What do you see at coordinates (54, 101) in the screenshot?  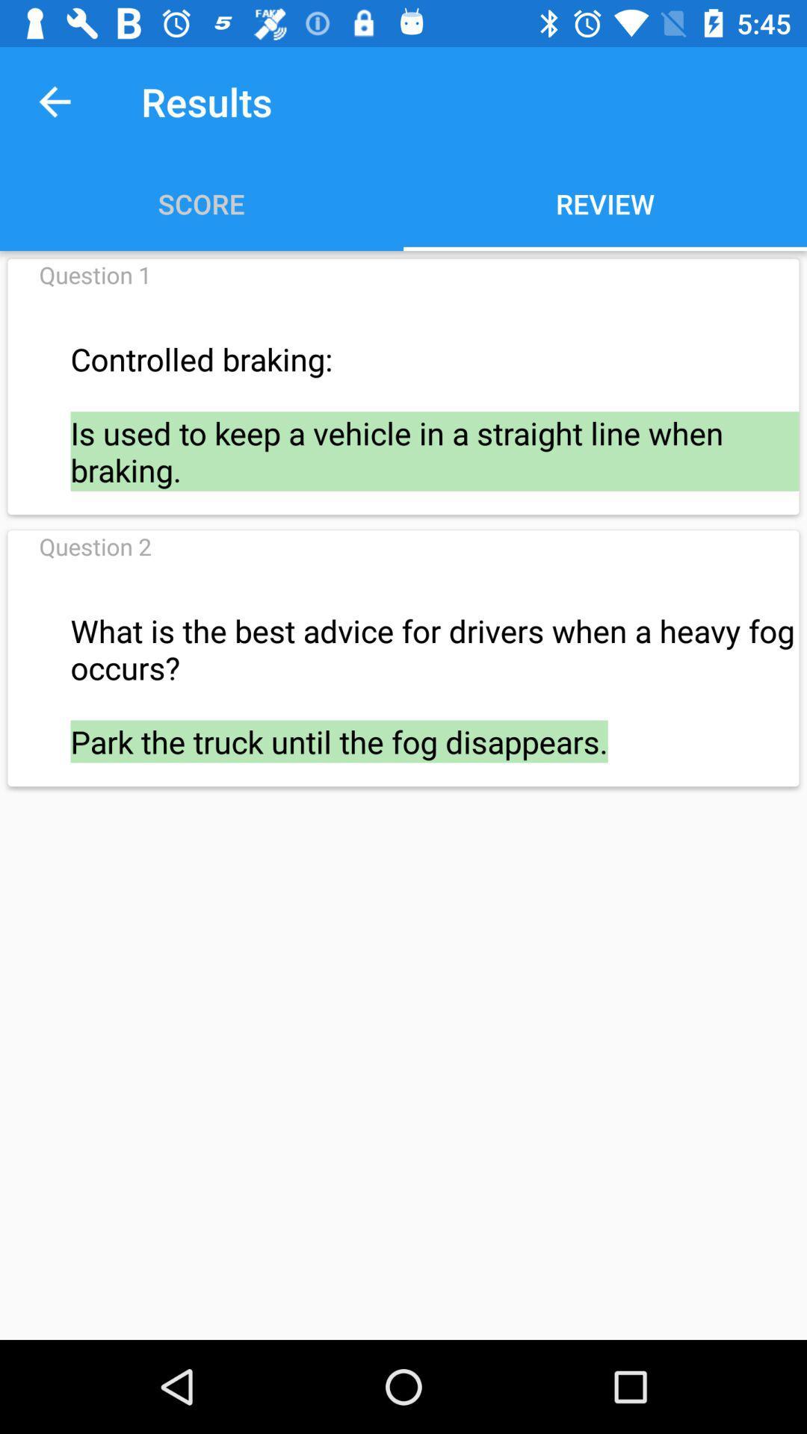 I see `the item to the left of the results` at bounding box center [54, 101].